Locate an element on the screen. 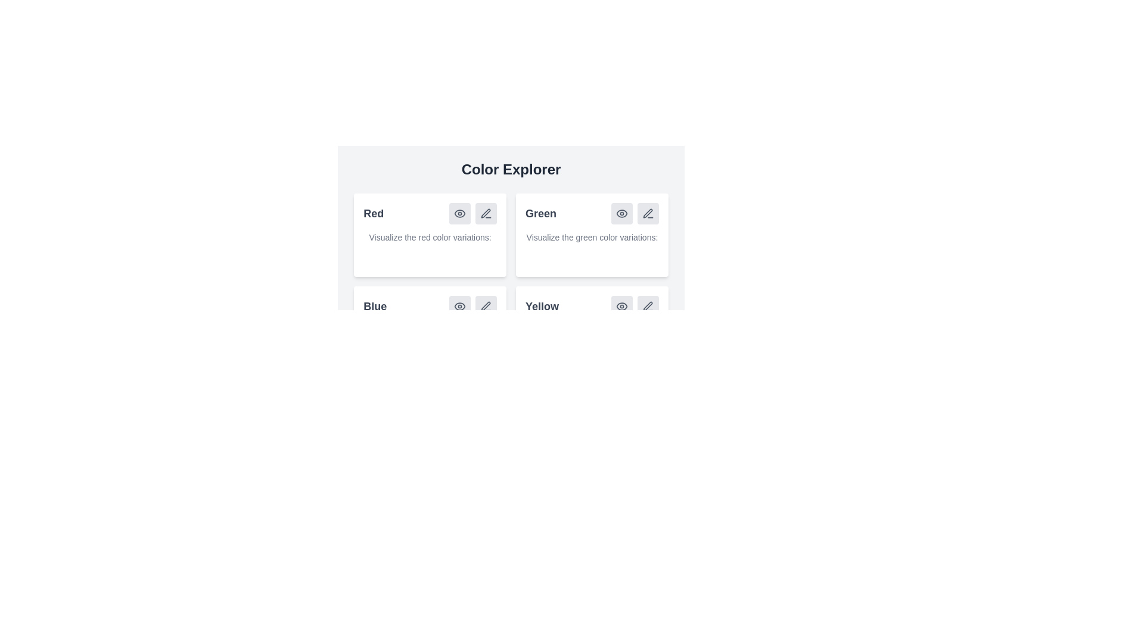 This screenshot has height=643, width=1144. the interactive button group located in the upper-right region of the 'Red' card is located at coordinates (472, 213).